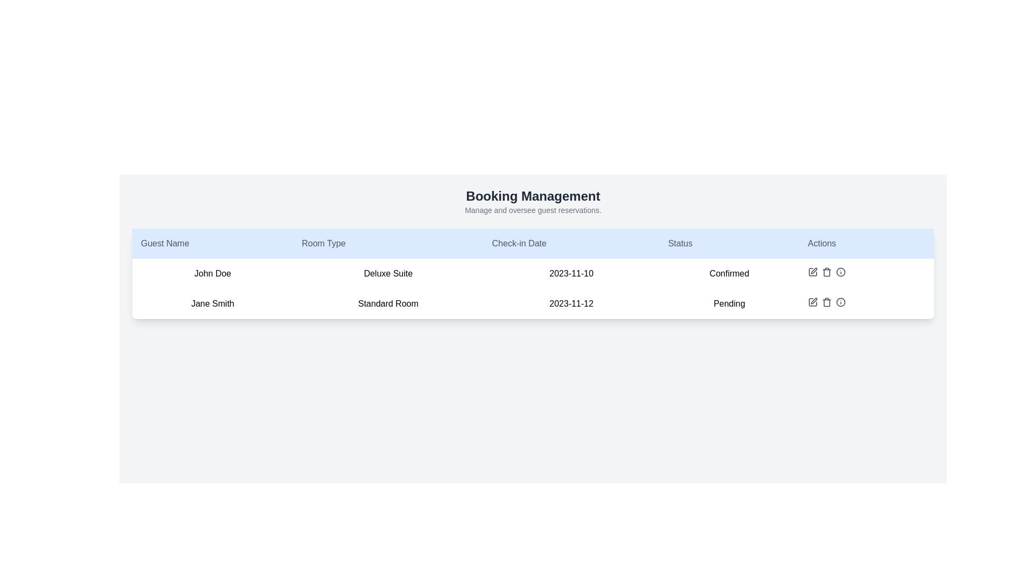 This screenshot has height=581, width=1033. Describe the element at coordinates (840, 302) in the screenshot. I see `the fourth action icon in the 'Actions' column of the table` at that location.